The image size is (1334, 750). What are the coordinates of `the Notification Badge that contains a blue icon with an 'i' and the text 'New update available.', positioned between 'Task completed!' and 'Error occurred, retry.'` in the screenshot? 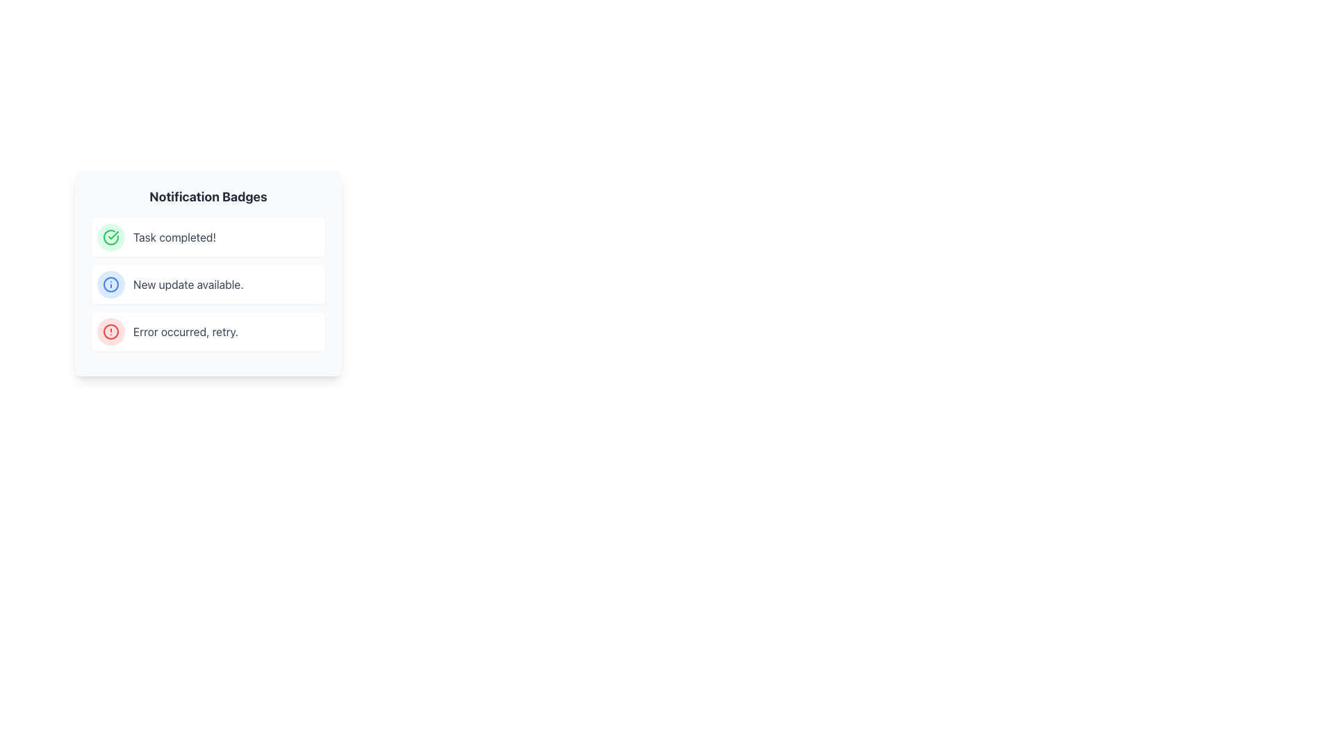 It's located at (207, 283).